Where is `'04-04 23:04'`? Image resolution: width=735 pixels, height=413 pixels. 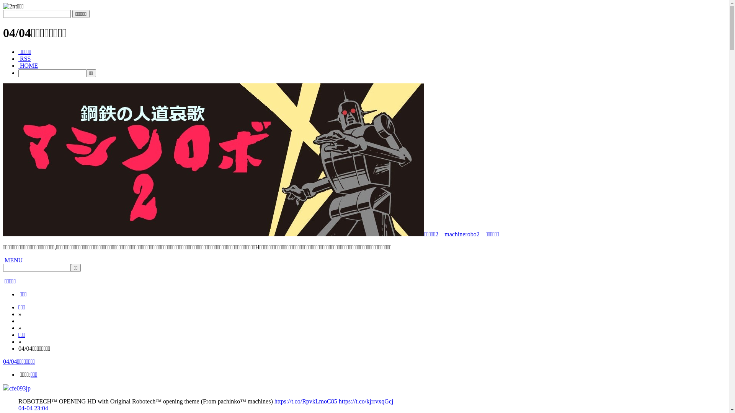
'04-04 23:04' is located at coordinates (33, 408).